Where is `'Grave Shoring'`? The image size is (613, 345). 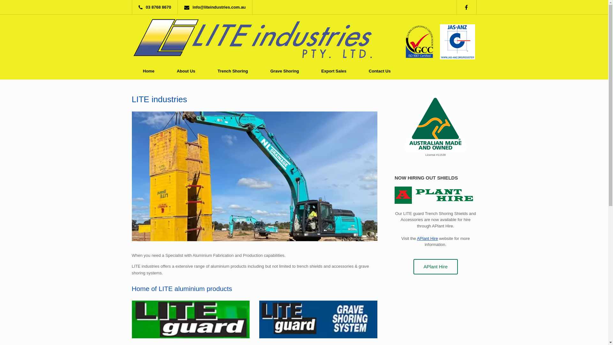 'Grave Shoring' is located at coordinates (259, 71).